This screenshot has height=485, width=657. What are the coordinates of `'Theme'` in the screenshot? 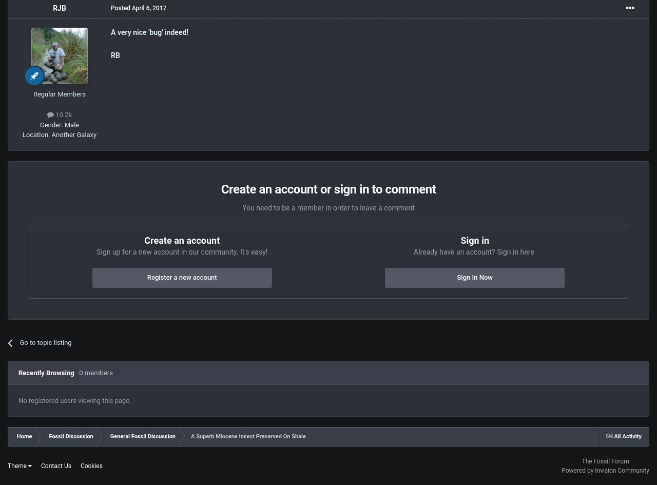 It's located at (17, 465).